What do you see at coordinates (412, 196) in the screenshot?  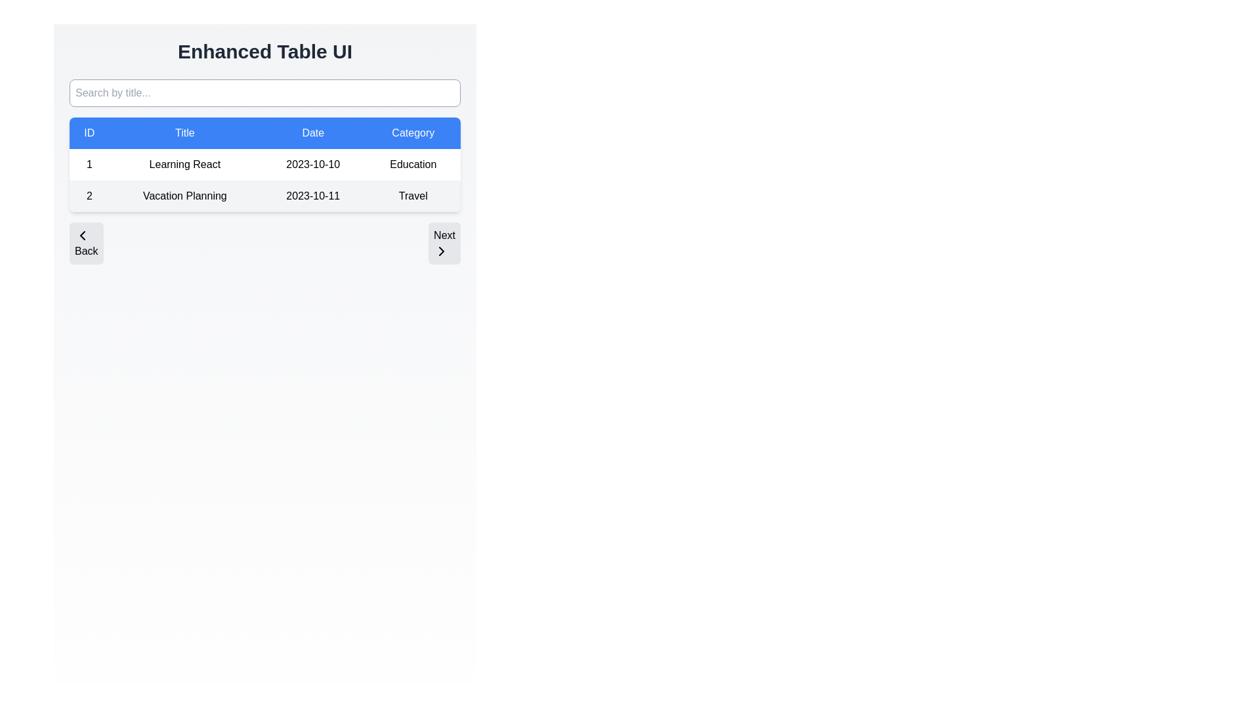 I see `the static text element displaying 'Travel', which is styled in black sans-serif font and located in the third column of the second row under the 'Category' header` at bounding box center [412, 196].